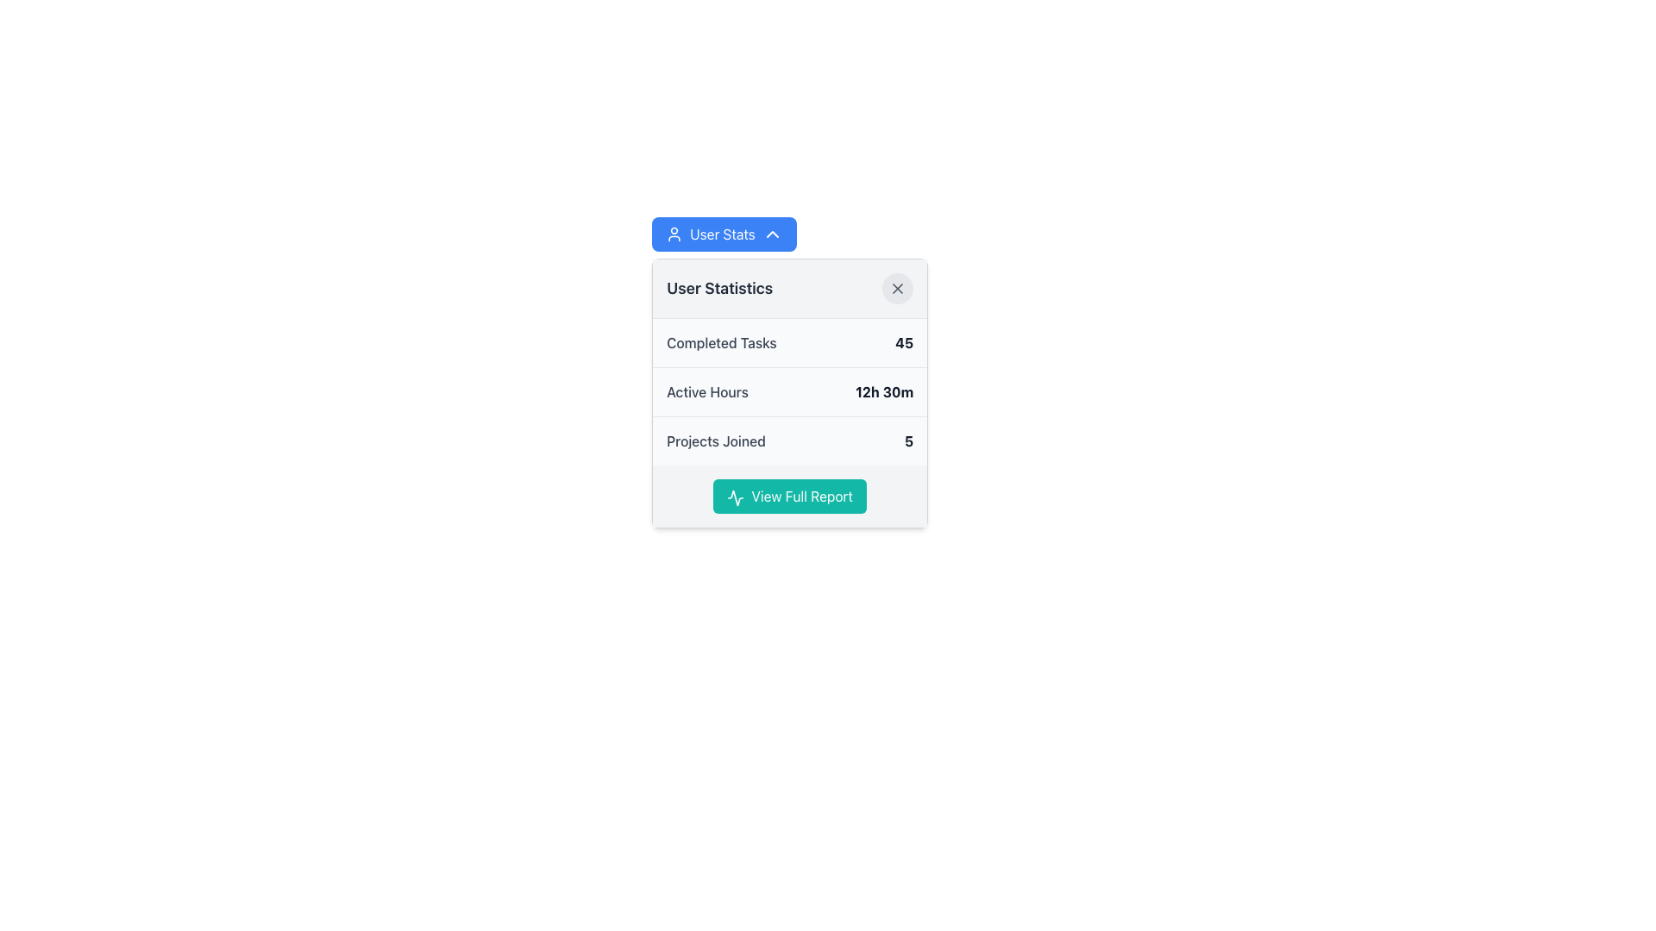 Image resolution: width=1656 pixels, height=931 pixels. I want to click on the Chevron Upward icon located to the right of 'User Stats' button, so click(771, 234).